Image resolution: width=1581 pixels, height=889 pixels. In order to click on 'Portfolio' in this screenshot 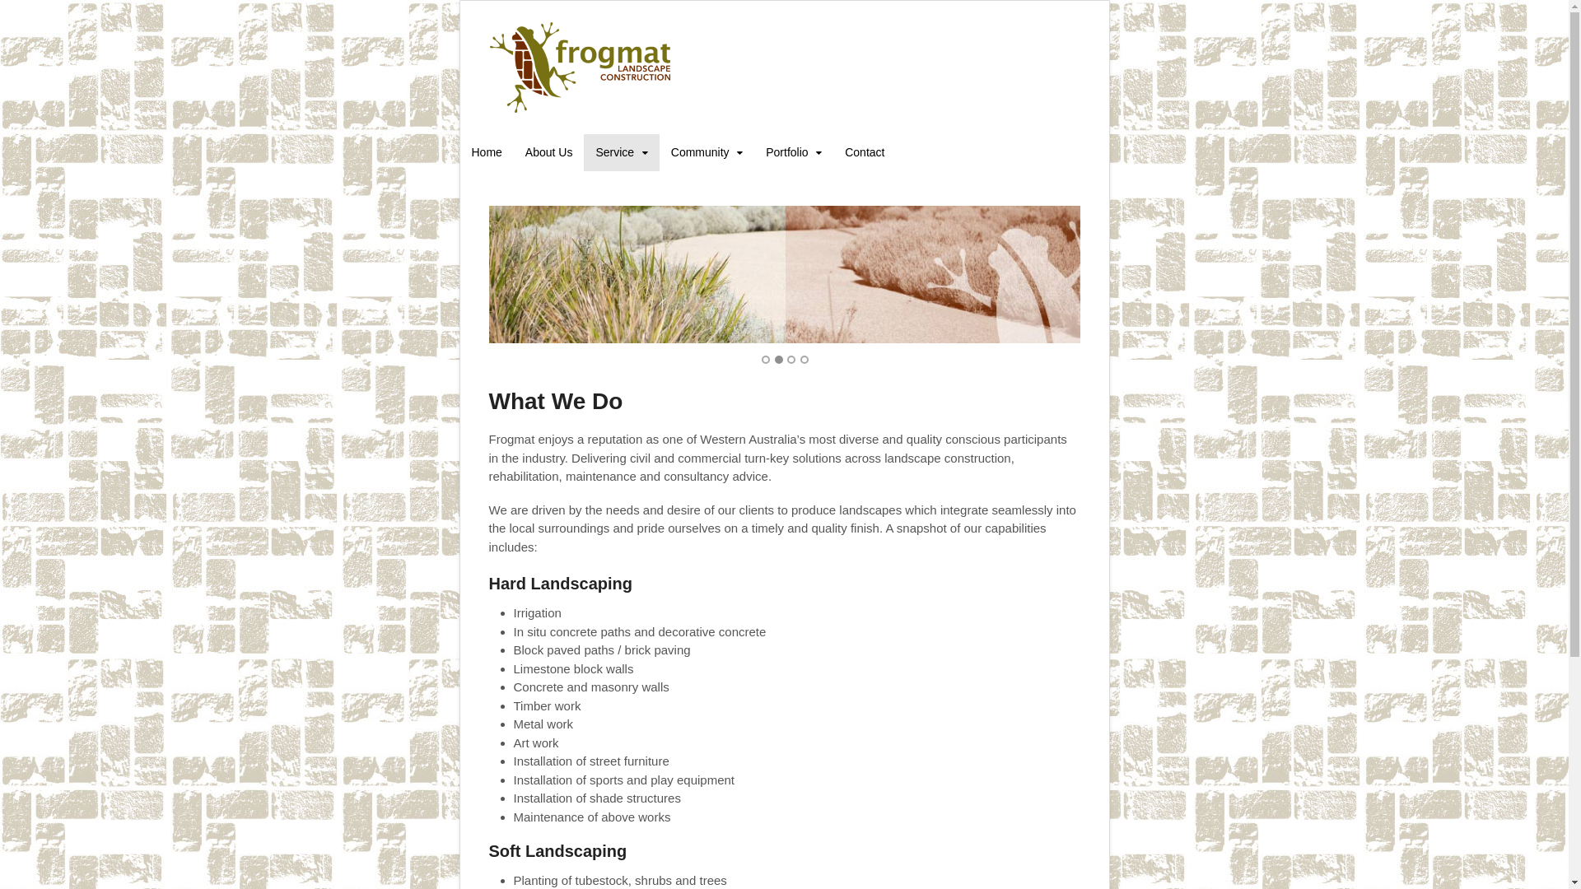, I will do `click(794, 152)`.